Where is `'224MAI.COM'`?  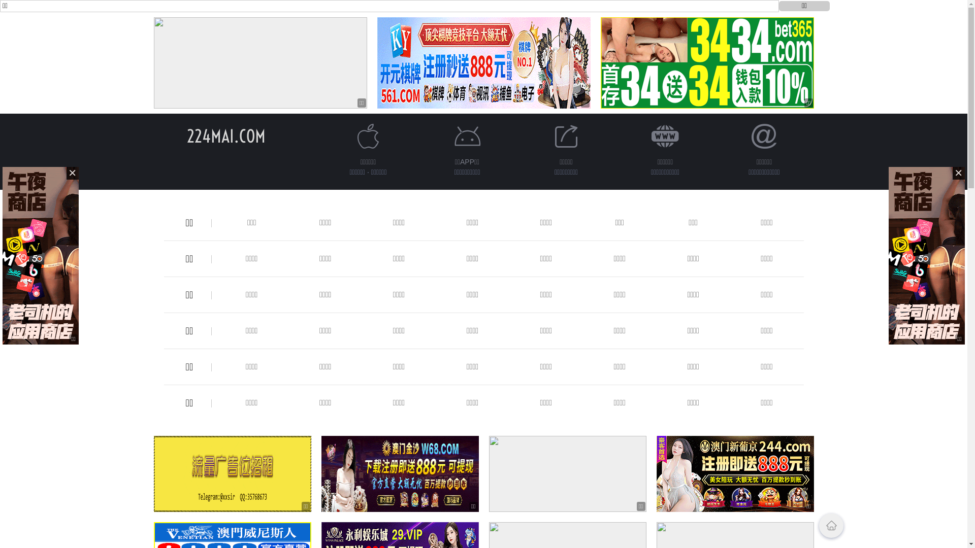 '224MAI.COM' is located at coordinates (187, 135).